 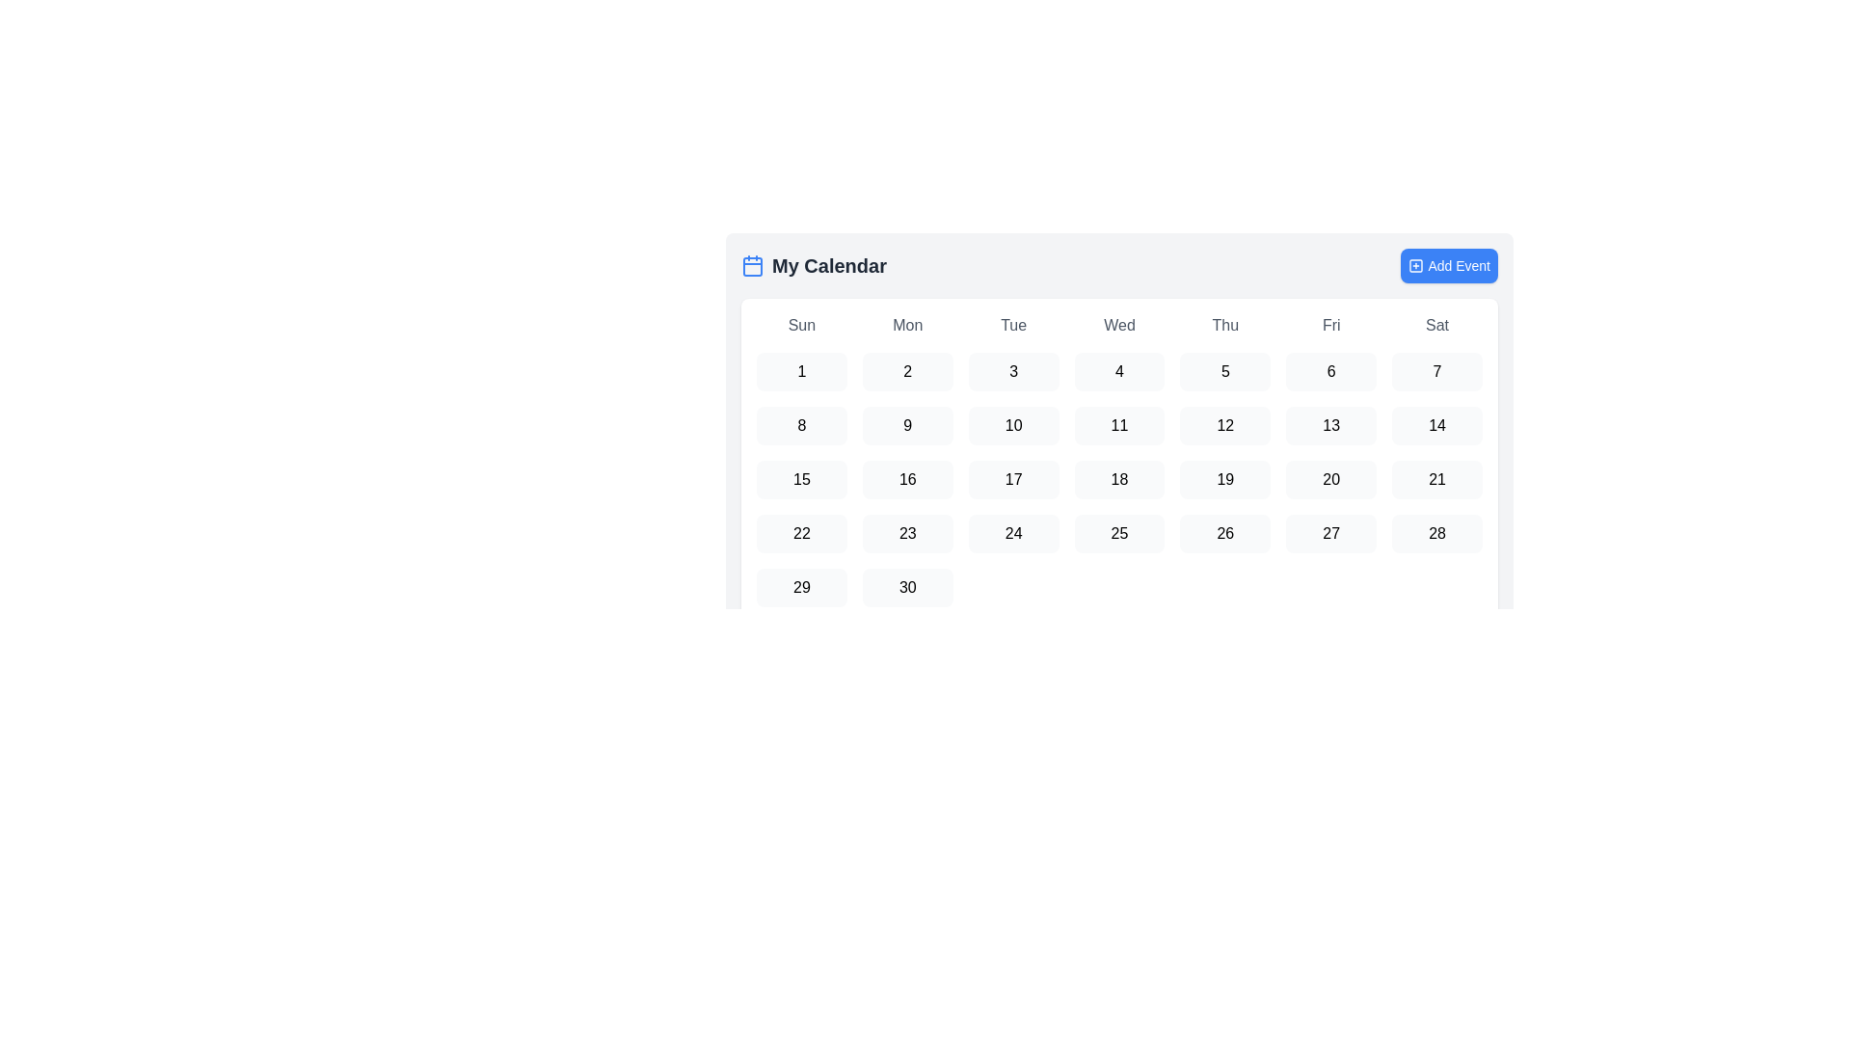 What do you see at coordinates (1119, 478) in the screenshot?
I see `to select the date '18' in the fourth column of the fourth row of the monthly calendar interface` at bounding box center [1119, 478].